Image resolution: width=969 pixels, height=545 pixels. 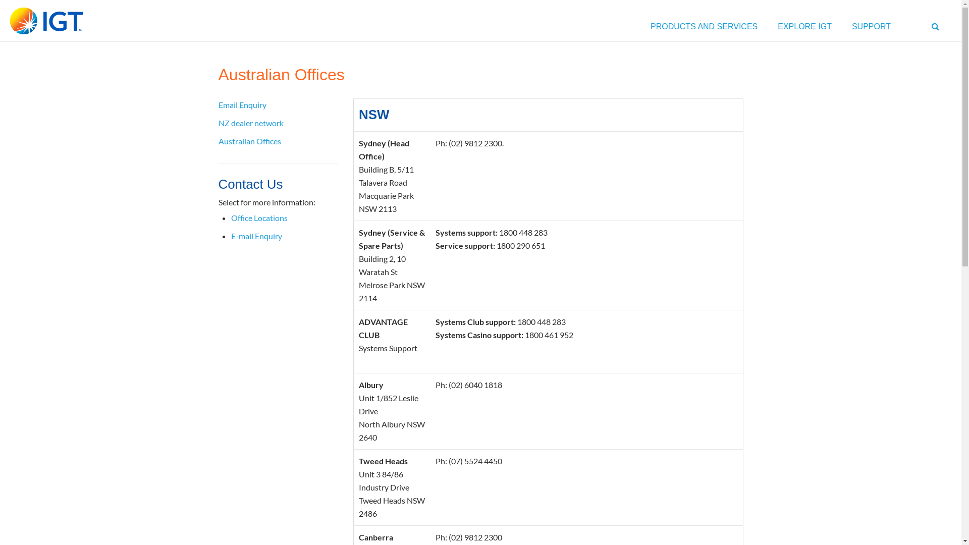 What do you see at coordinates (10, 21) in the screenshot?
I see `'IGT'` at bounding box center [10, 21].